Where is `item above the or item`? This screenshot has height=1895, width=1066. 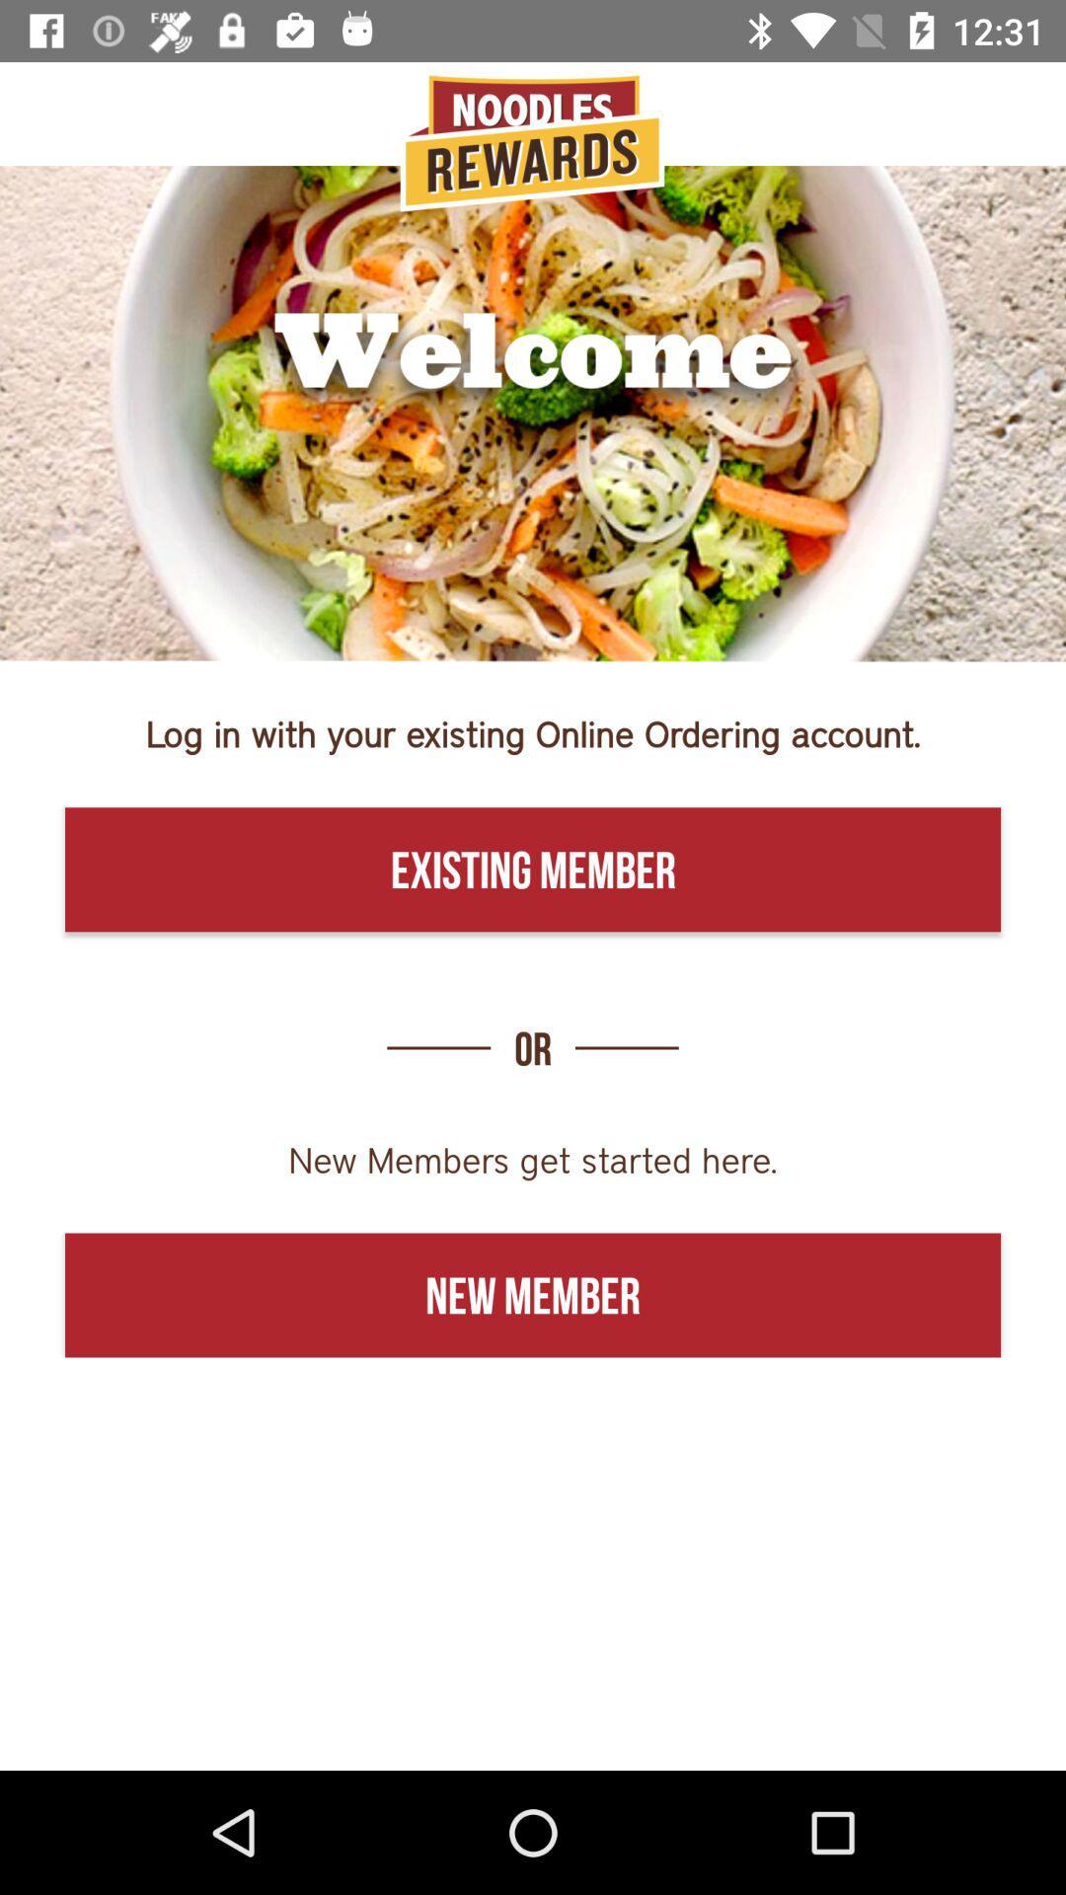
item above the or item is located at coordinates (533, 869).